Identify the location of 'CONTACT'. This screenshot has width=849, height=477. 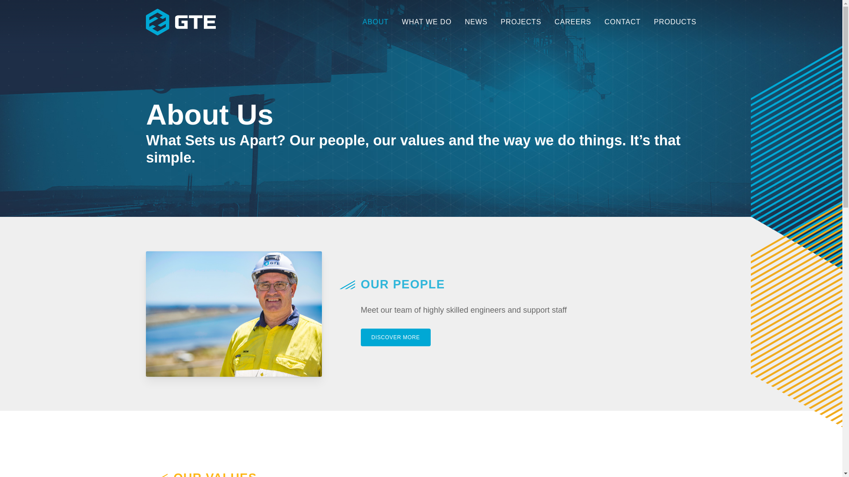
(622, 22).